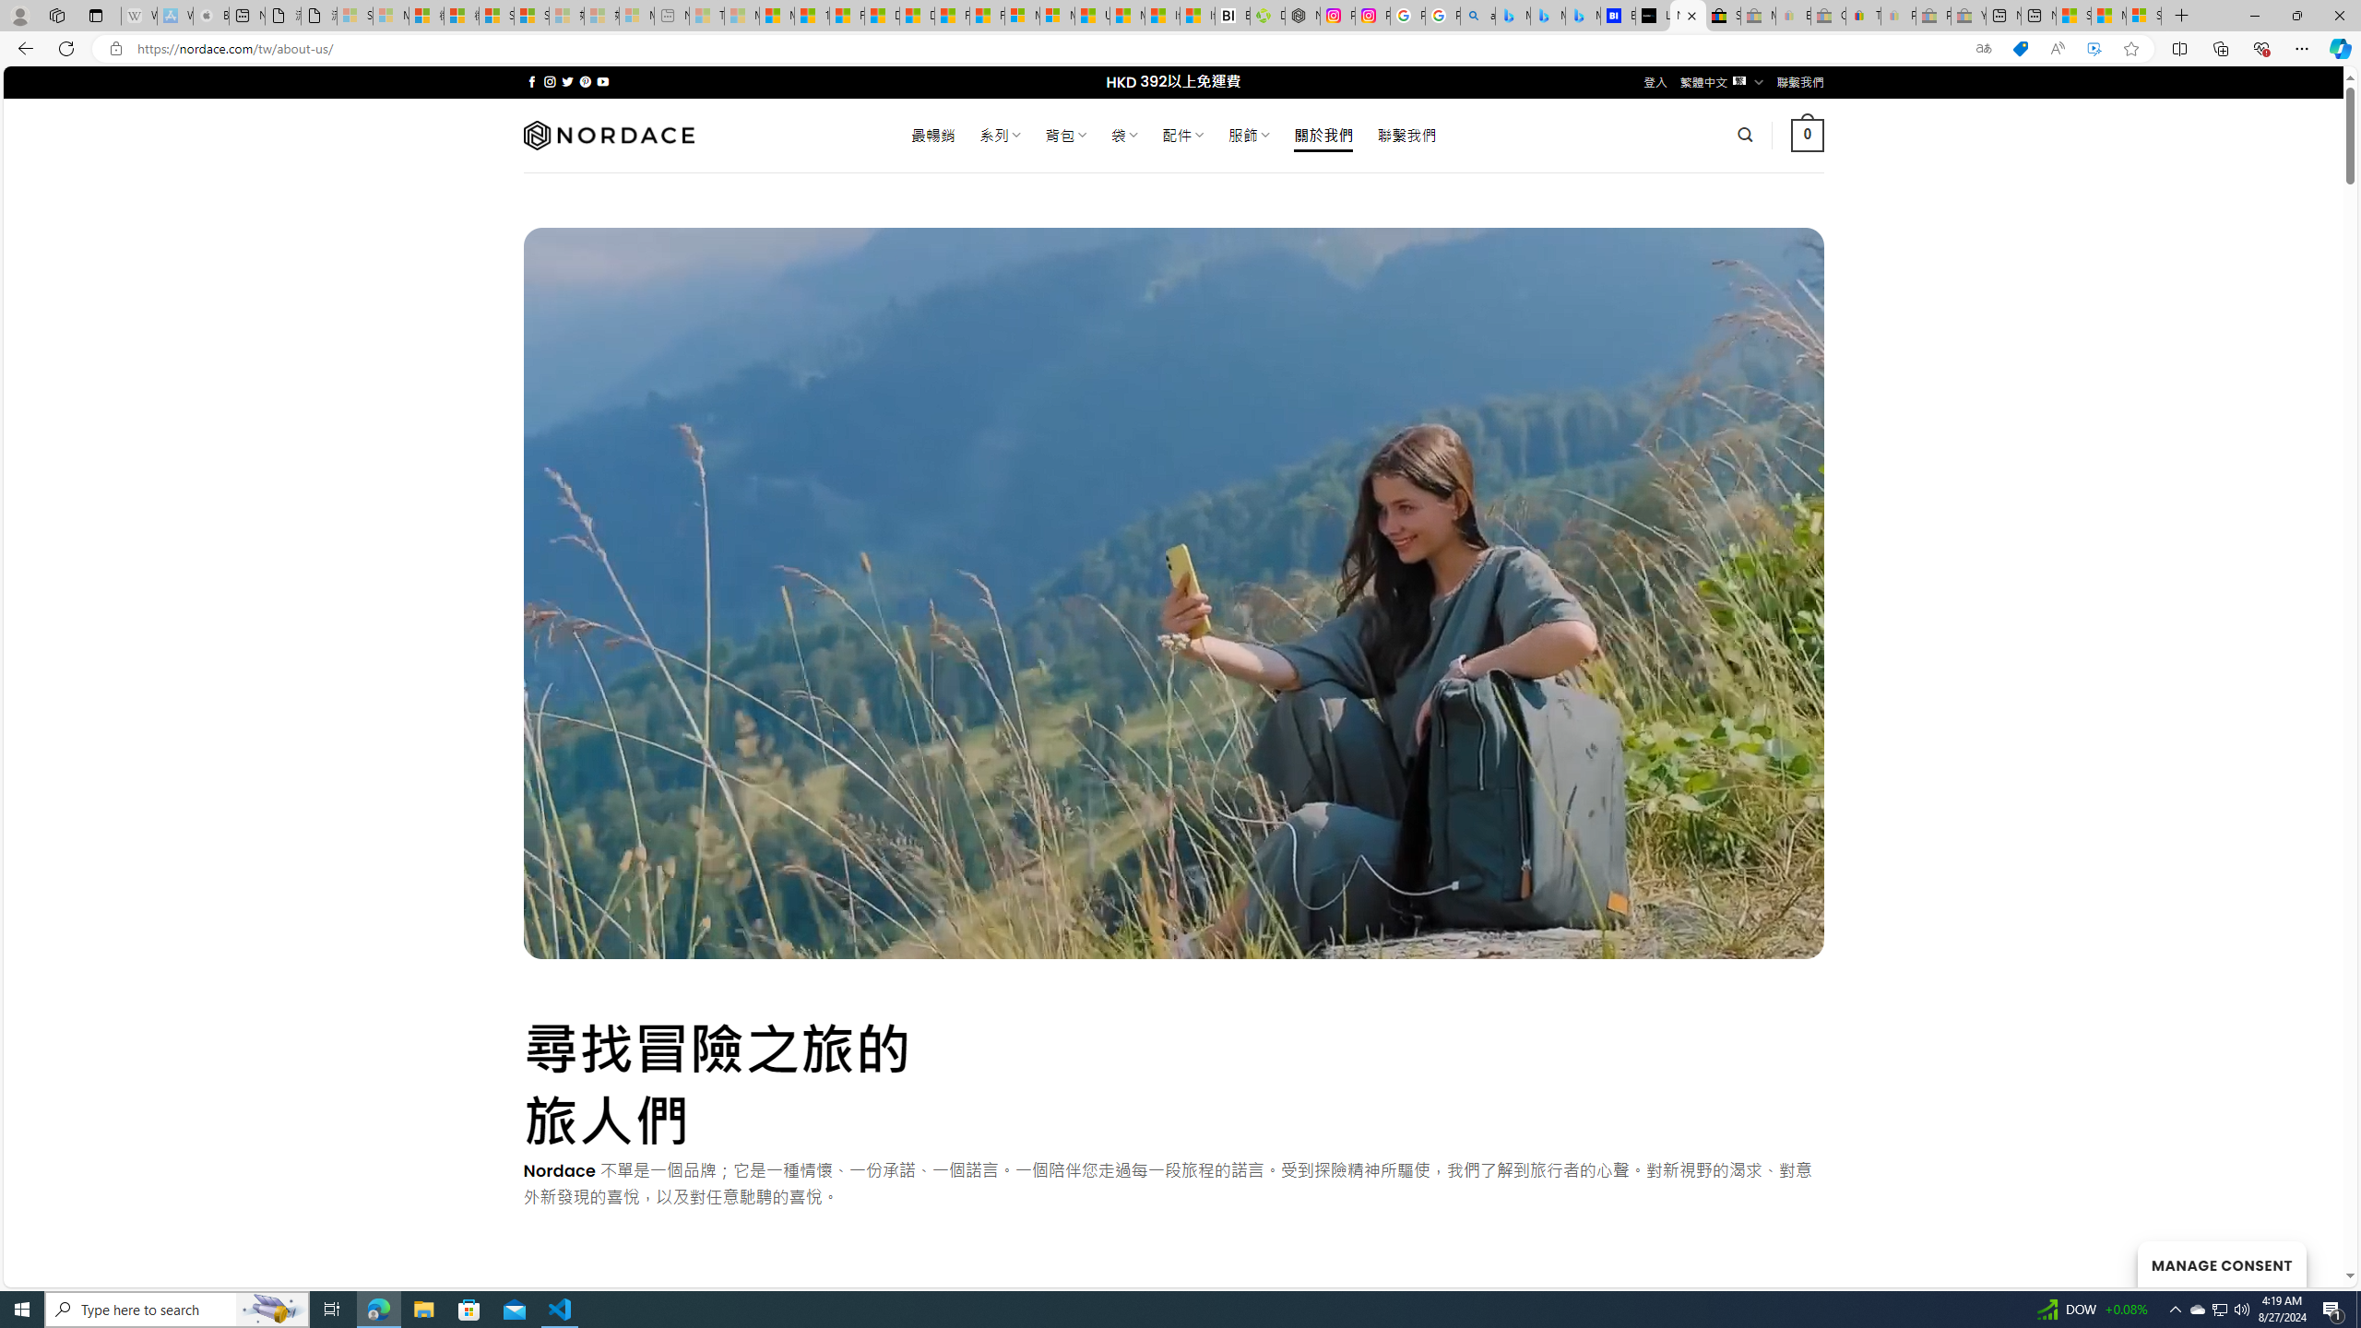  Describe the element at coordinates (1808, 134) in the screenshot. I see `' 0 '` at that location.